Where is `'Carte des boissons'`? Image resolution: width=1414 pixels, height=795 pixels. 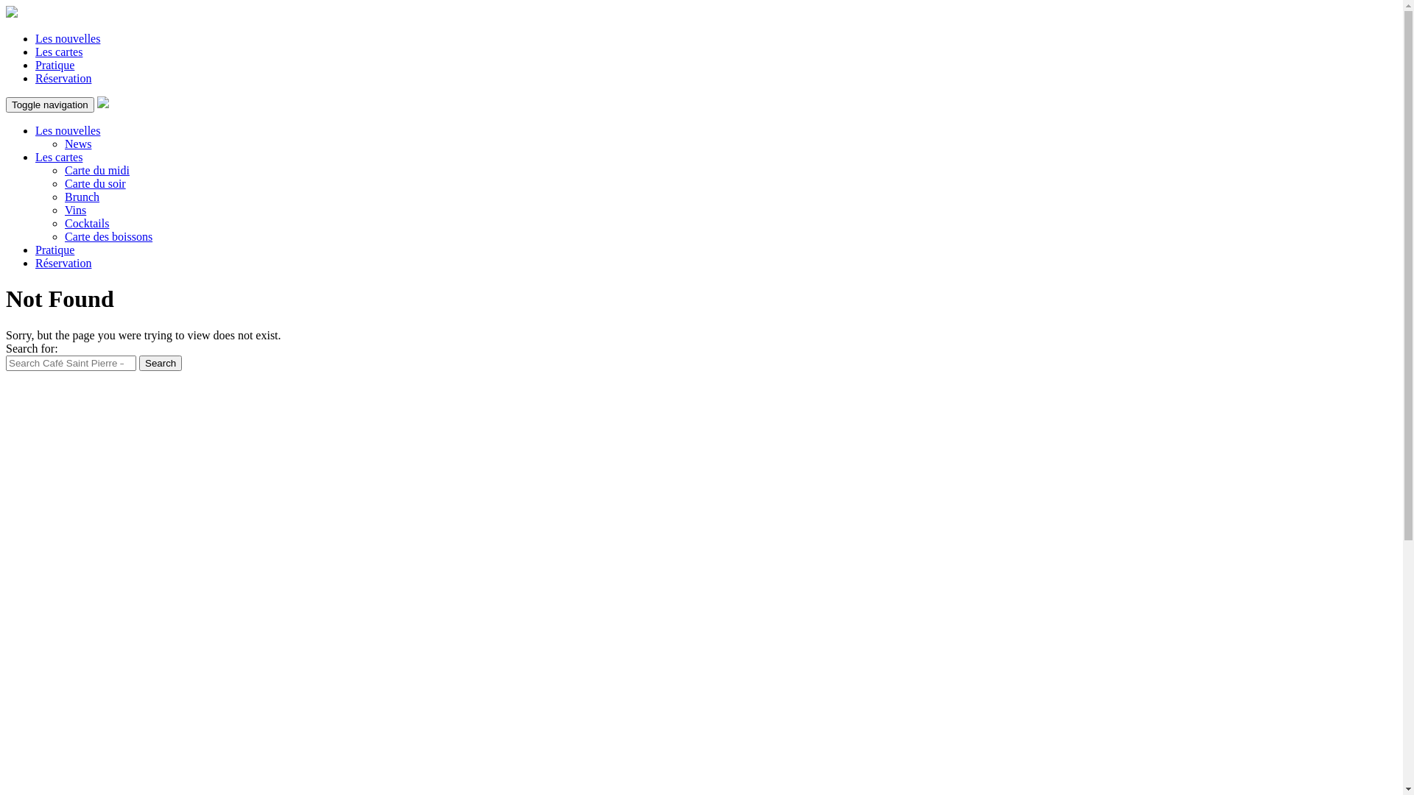
'Carte des boissons' is located at coordinates (63, 236).